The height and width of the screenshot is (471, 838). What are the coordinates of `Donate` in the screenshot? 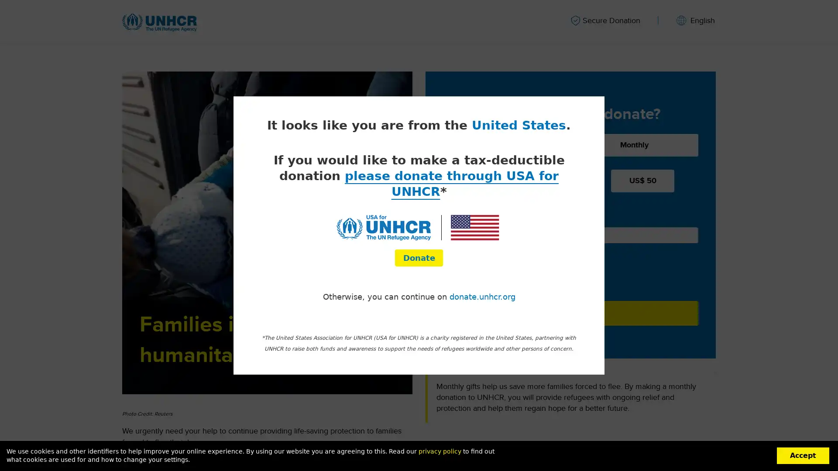 It's located at (570, 312).